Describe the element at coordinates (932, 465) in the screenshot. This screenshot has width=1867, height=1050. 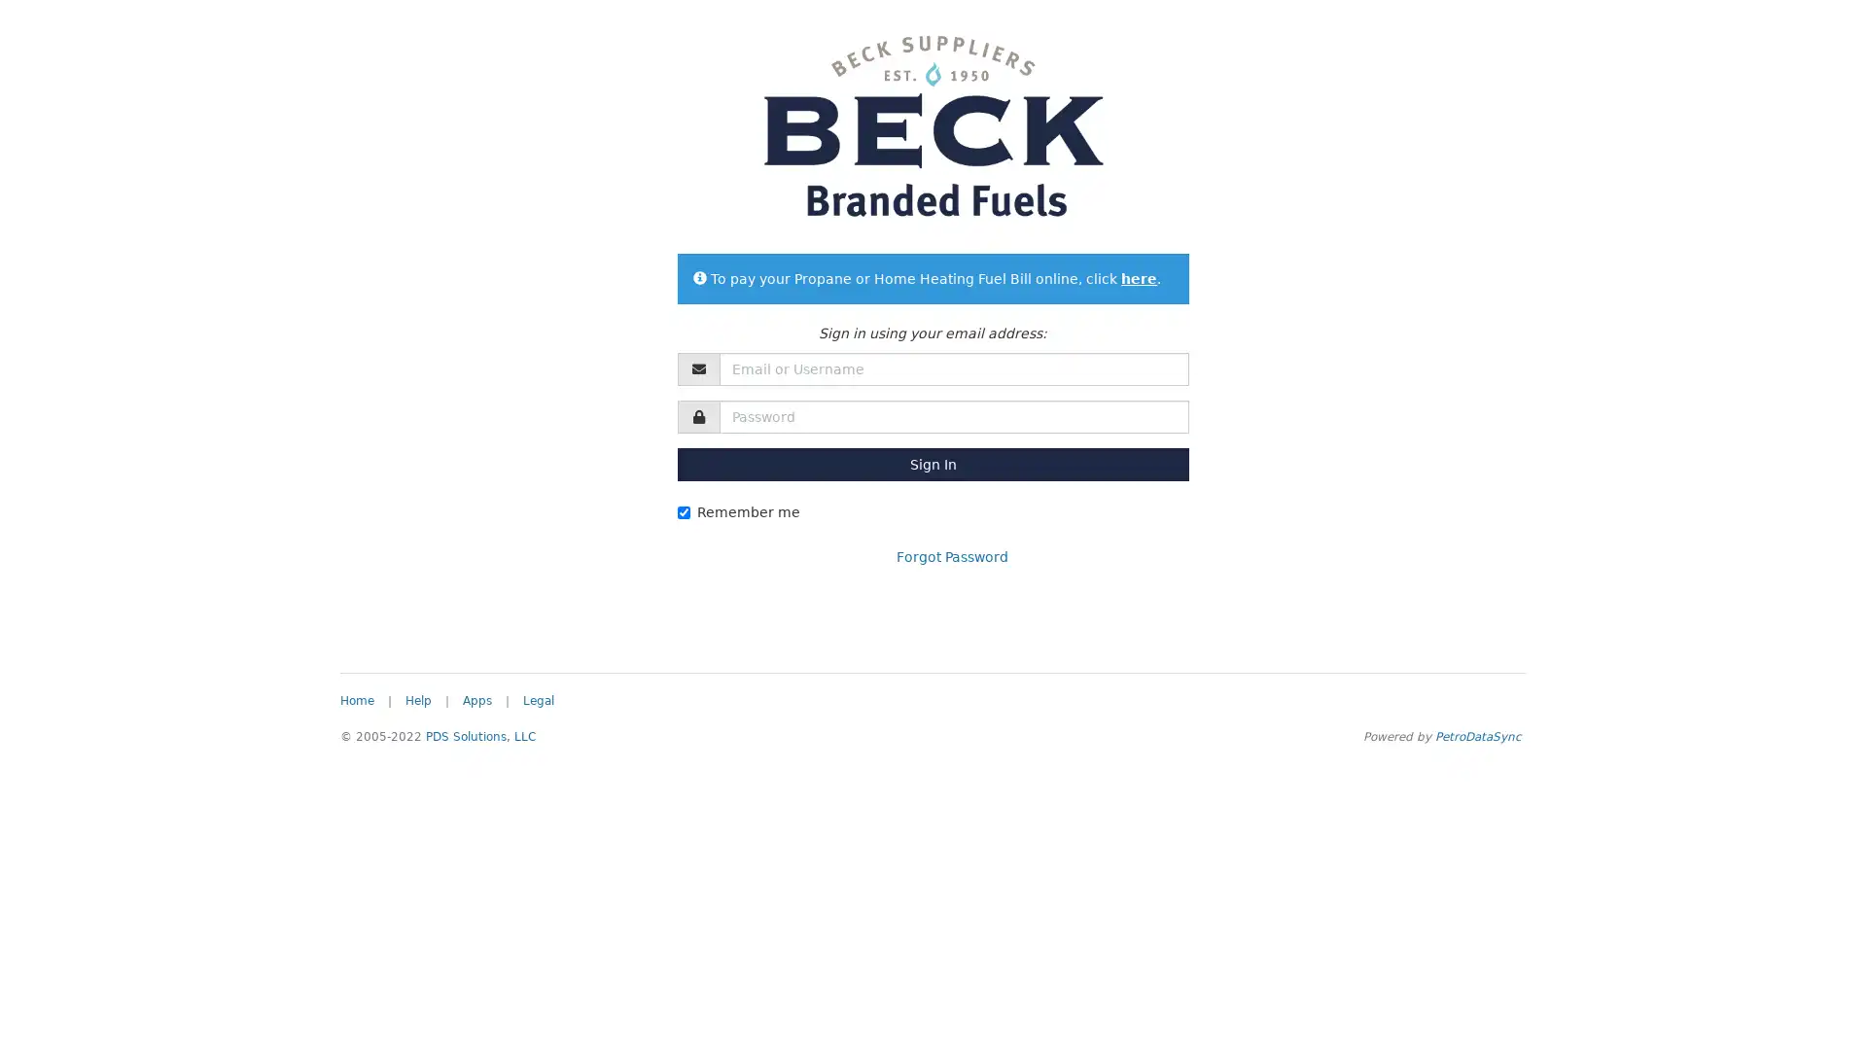
I see `Sign In` at that location.